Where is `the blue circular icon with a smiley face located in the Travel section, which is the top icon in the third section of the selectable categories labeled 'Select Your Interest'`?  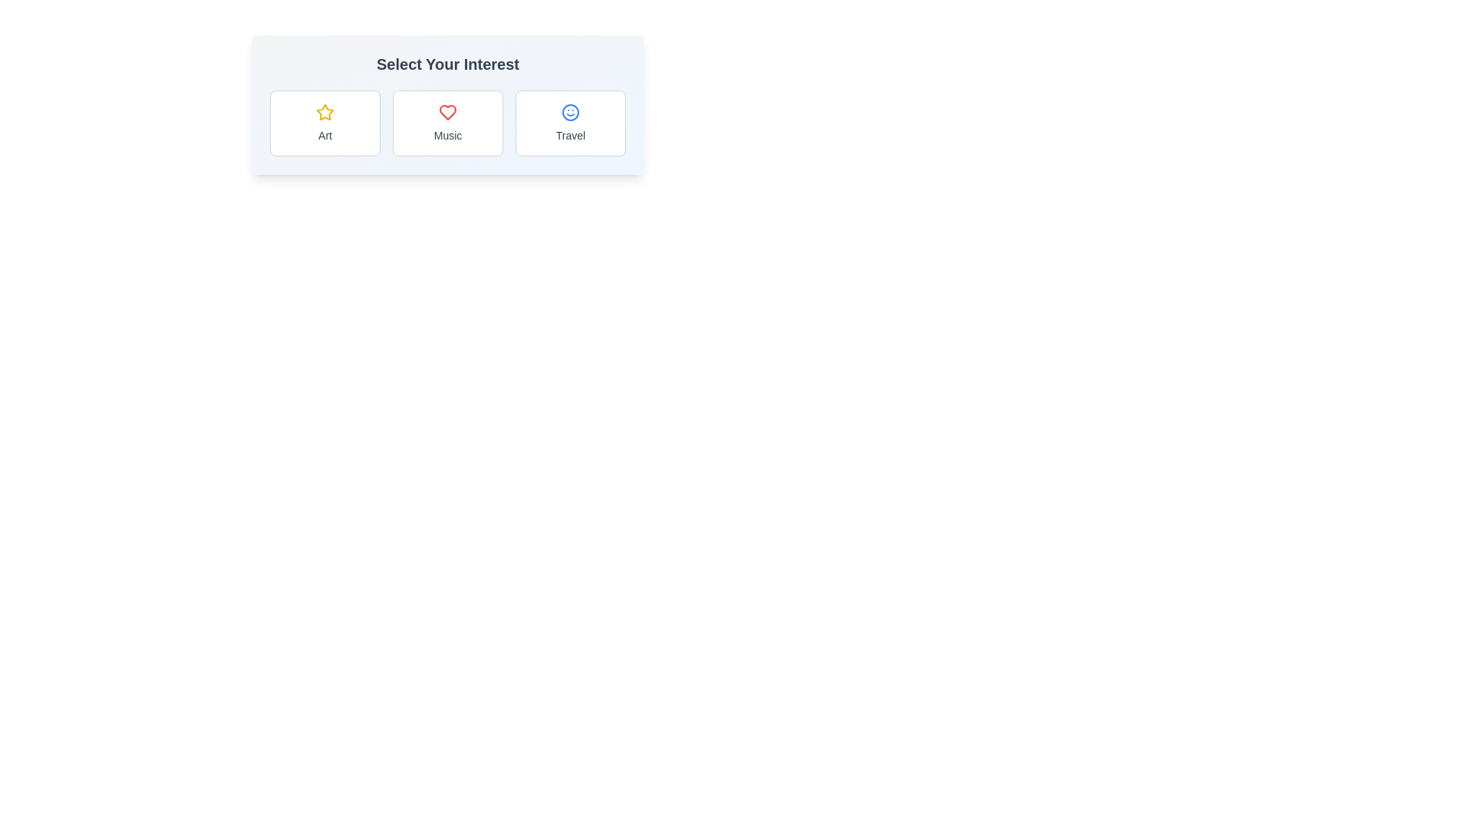
the blue circular icon with a smiley face located in the Travel section, which is the top icon in the third section of the selectable categories labeled 'Select Your Interest' is located at coordinates (570, 111).